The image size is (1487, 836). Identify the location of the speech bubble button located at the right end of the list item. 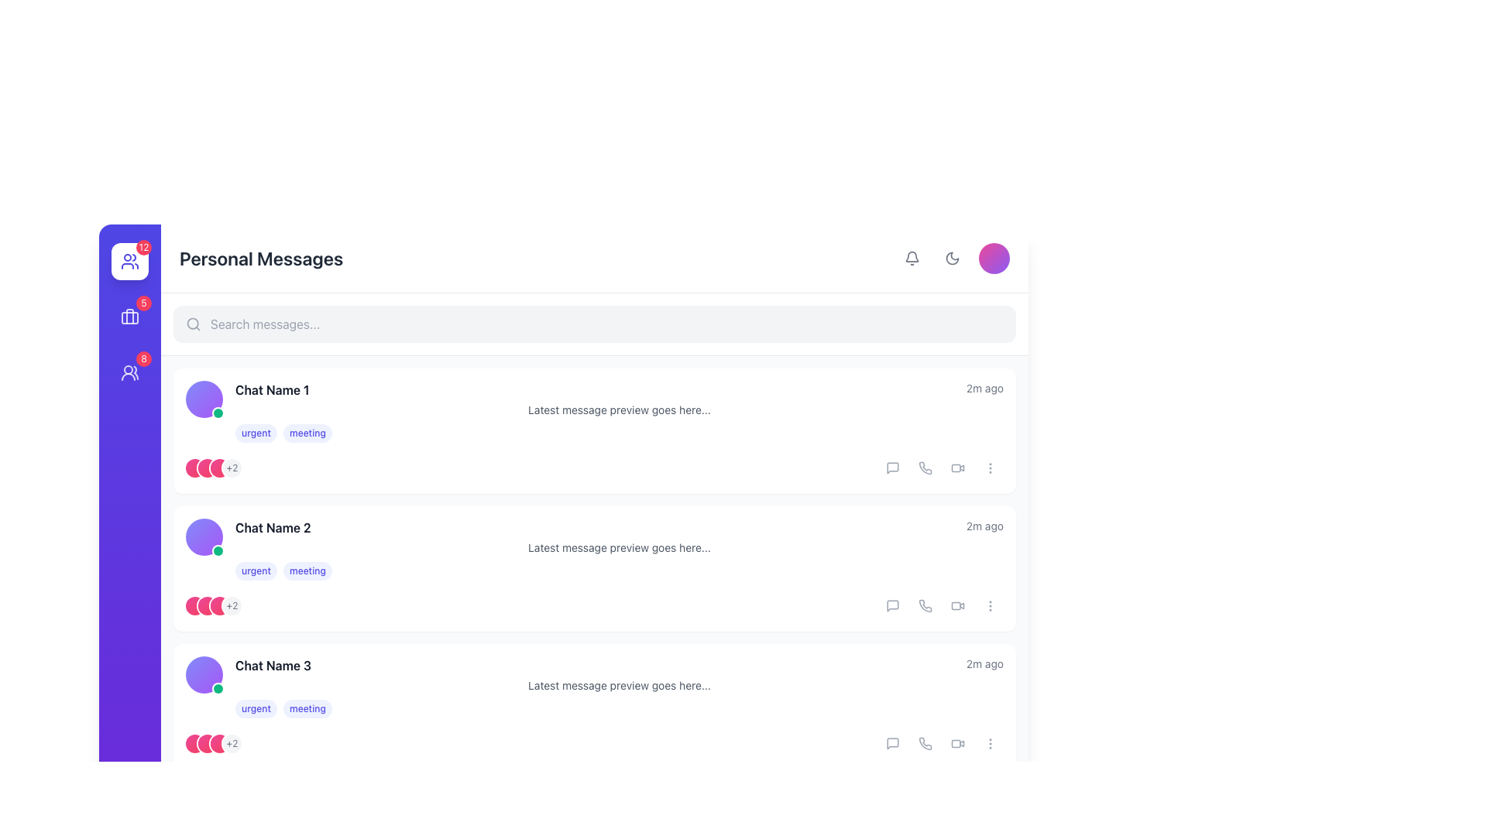
(892, 468).